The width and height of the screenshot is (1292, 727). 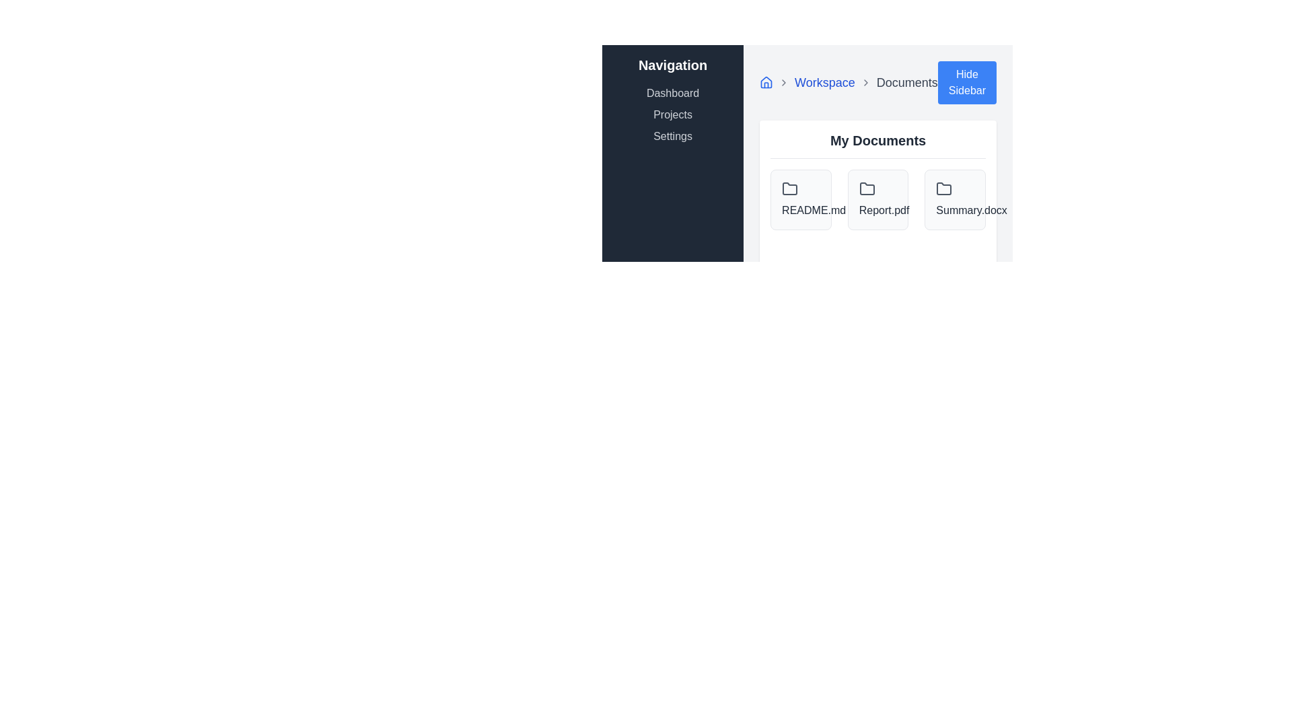 What do you see at coordinates (878, 200) in the screenshot?
I see `the Grid Item that links to 'Report.pdf'` at bounding box center [878, 200].